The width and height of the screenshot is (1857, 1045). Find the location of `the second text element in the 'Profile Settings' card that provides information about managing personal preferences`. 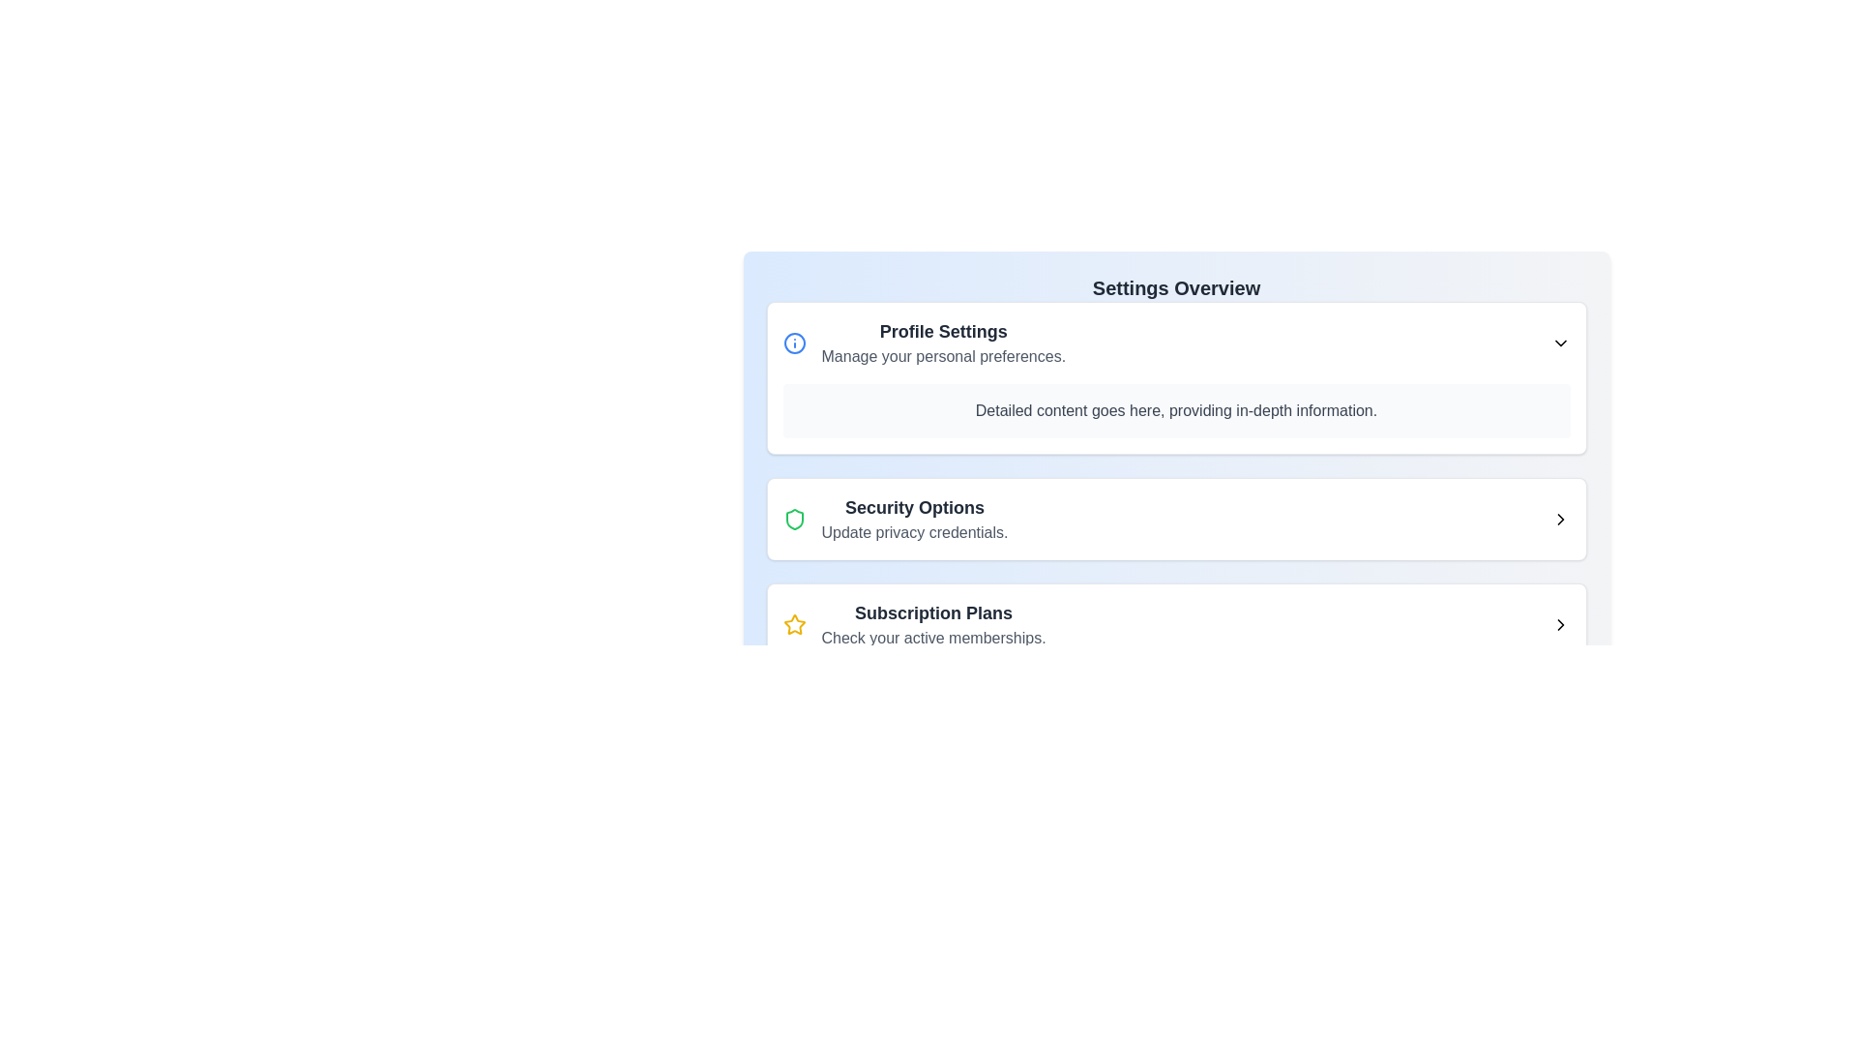

the second text element in the 'Profile Settings' card that provides information about managing personal preferences is located at coordinates (943, 357).